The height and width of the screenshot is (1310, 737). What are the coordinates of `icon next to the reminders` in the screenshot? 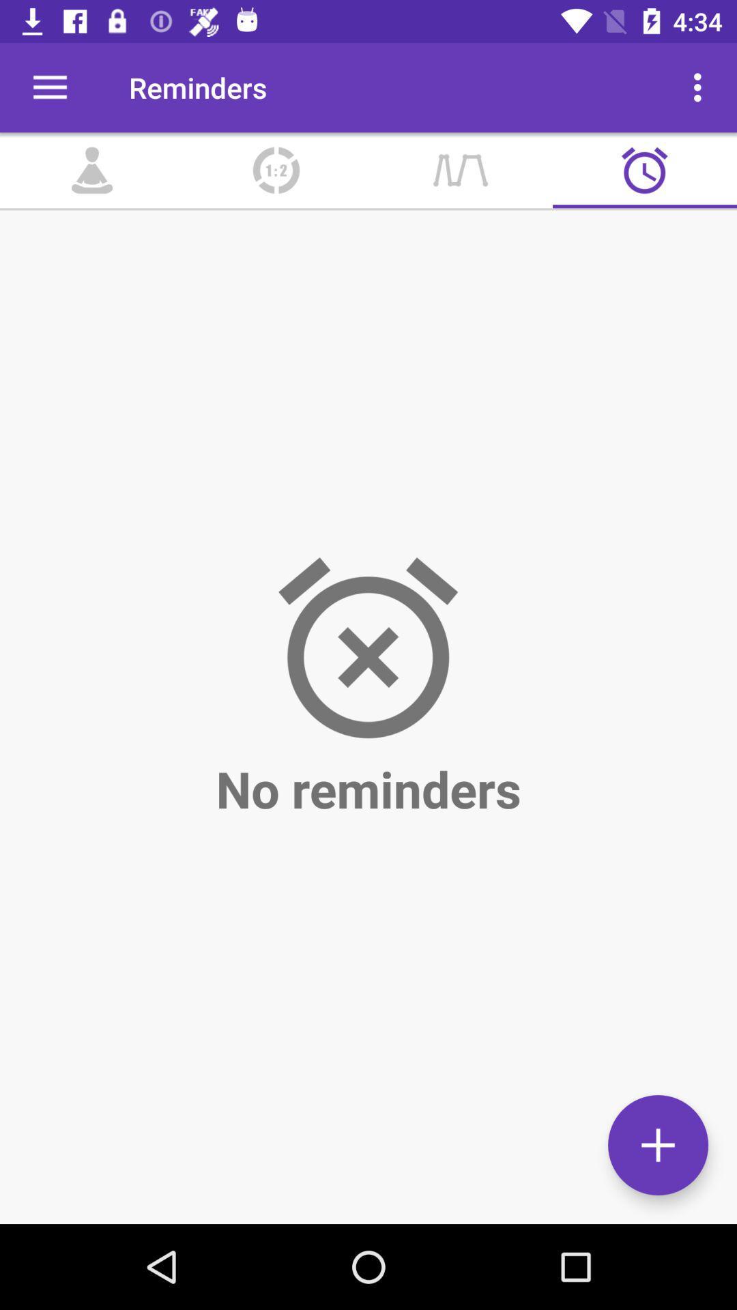 It's located at (49, 87).